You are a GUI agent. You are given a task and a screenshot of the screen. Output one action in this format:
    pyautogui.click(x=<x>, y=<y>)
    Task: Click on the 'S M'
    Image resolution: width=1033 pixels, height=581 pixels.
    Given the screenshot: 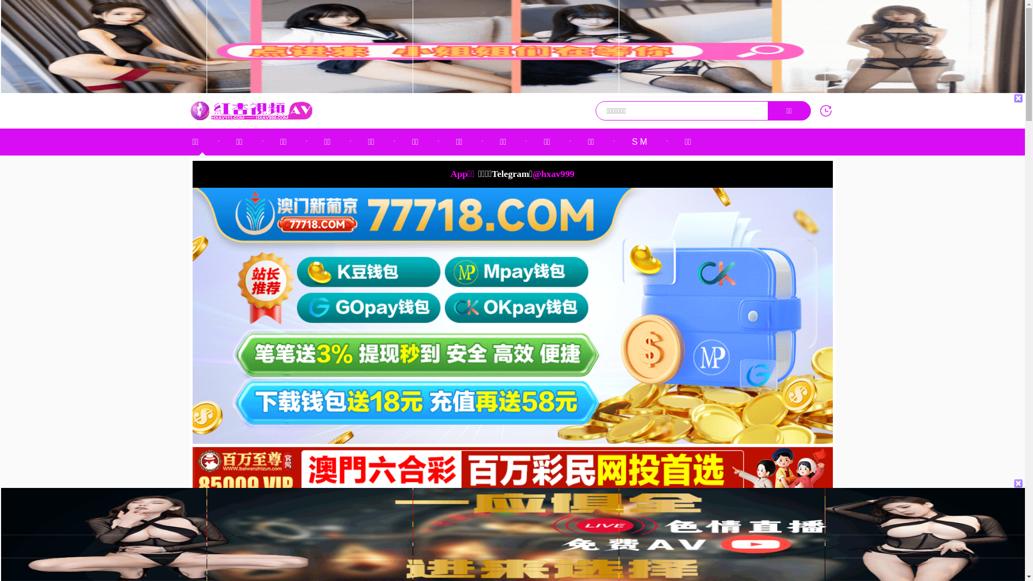 What is the action you would take?
    pyautogui.click(x=639, y=141)
    